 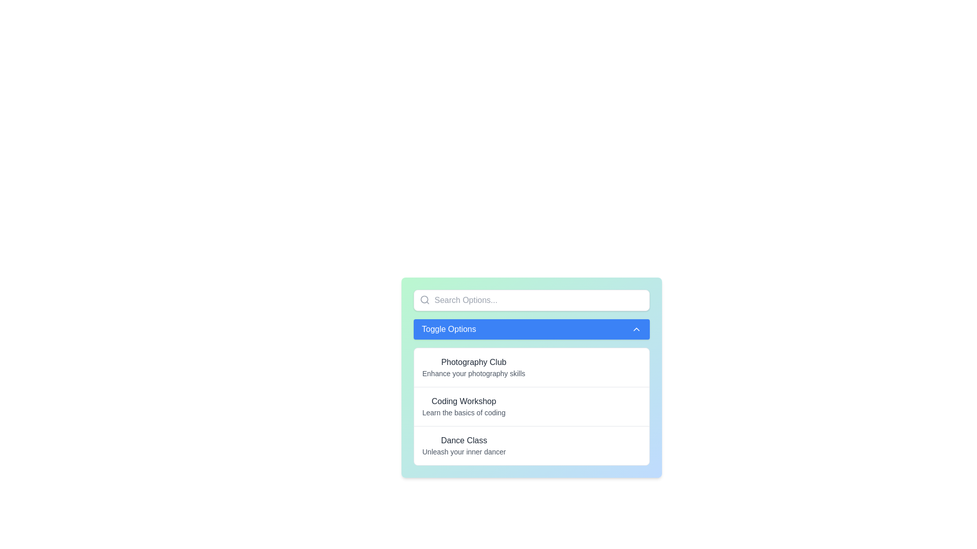 What do you see at coordinates (531, 406) in the screenshot?
I see `the second list item in the menu that provides information about a coding workshop, located between the 'Photography Club' and 'Dance Class' sections` at bounding box center [531, 406].